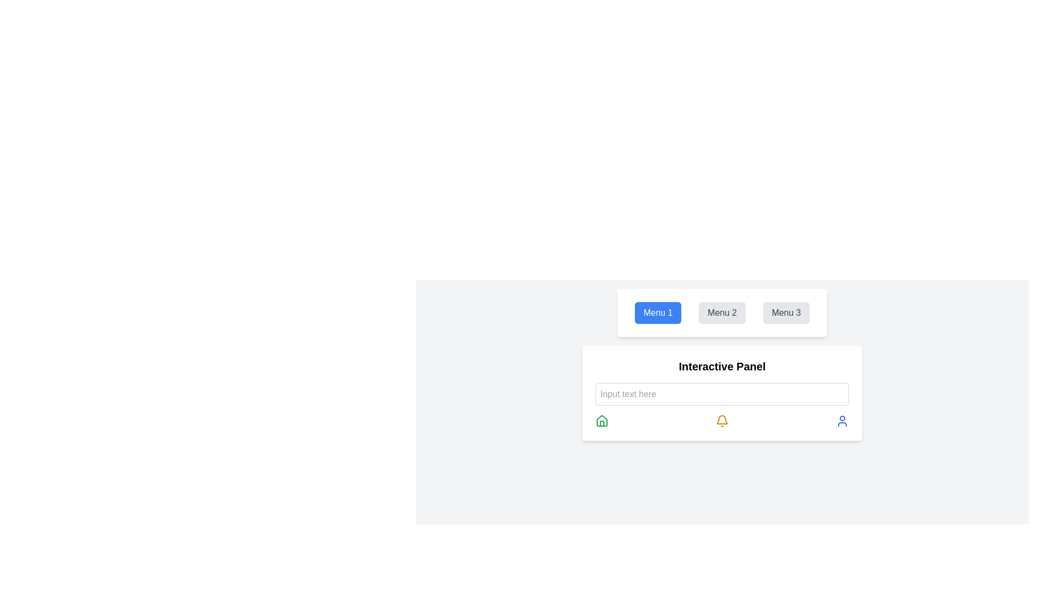 Image resolution: width=1049 pixels, height=590 pixels. What do you see at coordinates (722, 419) in the screenshot?
I see `the notification bell icon located at the bottom middle of the interactive panel, which indicates pending actions or messages` at bounding box center [722, 419].